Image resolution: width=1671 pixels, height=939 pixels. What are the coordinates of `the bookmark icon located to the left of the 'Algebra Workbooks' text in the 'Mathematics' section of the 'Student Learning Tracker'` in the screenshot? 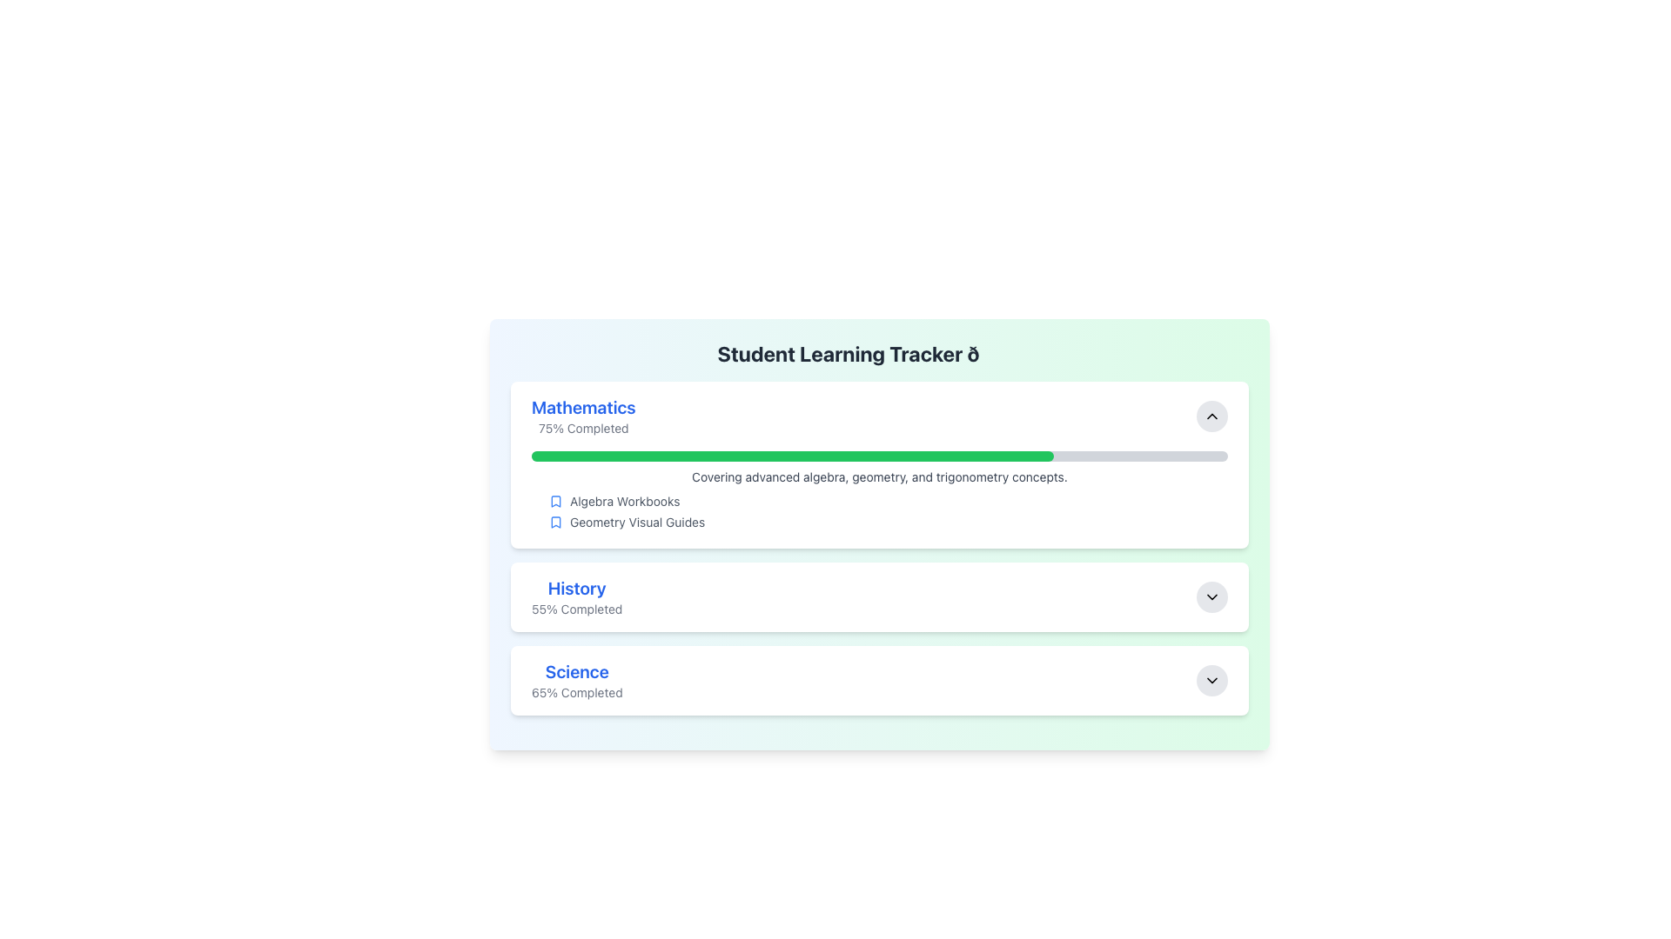 It's located at (554, 502).